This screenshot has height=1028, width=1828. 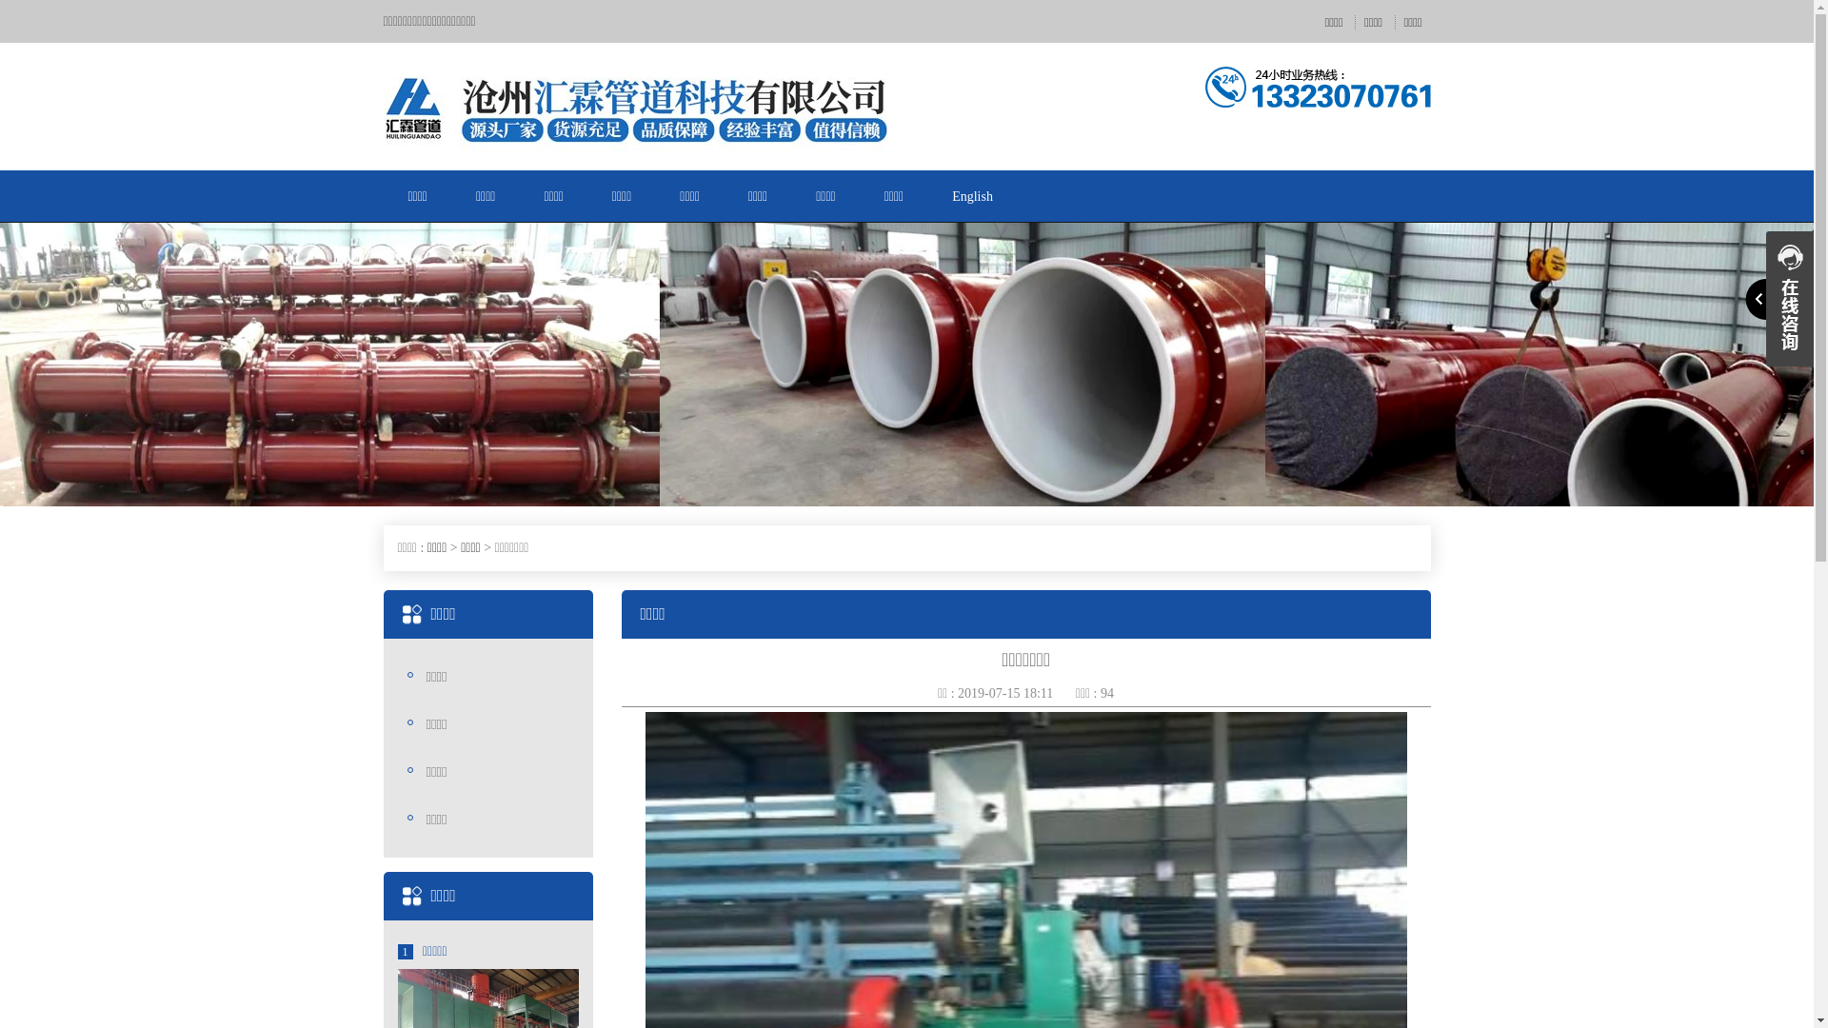 What do you see at coordinates (927, 196) in the screenshot?
I see `'English'` at bounding box center [927, 196].